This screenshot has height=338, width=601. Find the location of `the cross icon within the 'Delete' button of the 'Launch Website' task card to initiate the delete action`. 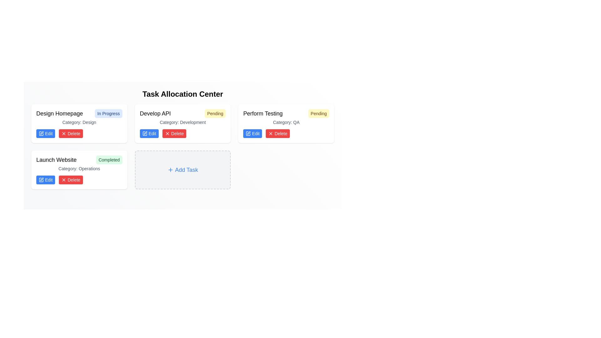

the cross icon within the 'Delete' button of the 'Launch Website' task card to initiate the delete action is located at coordinates (64, 180).